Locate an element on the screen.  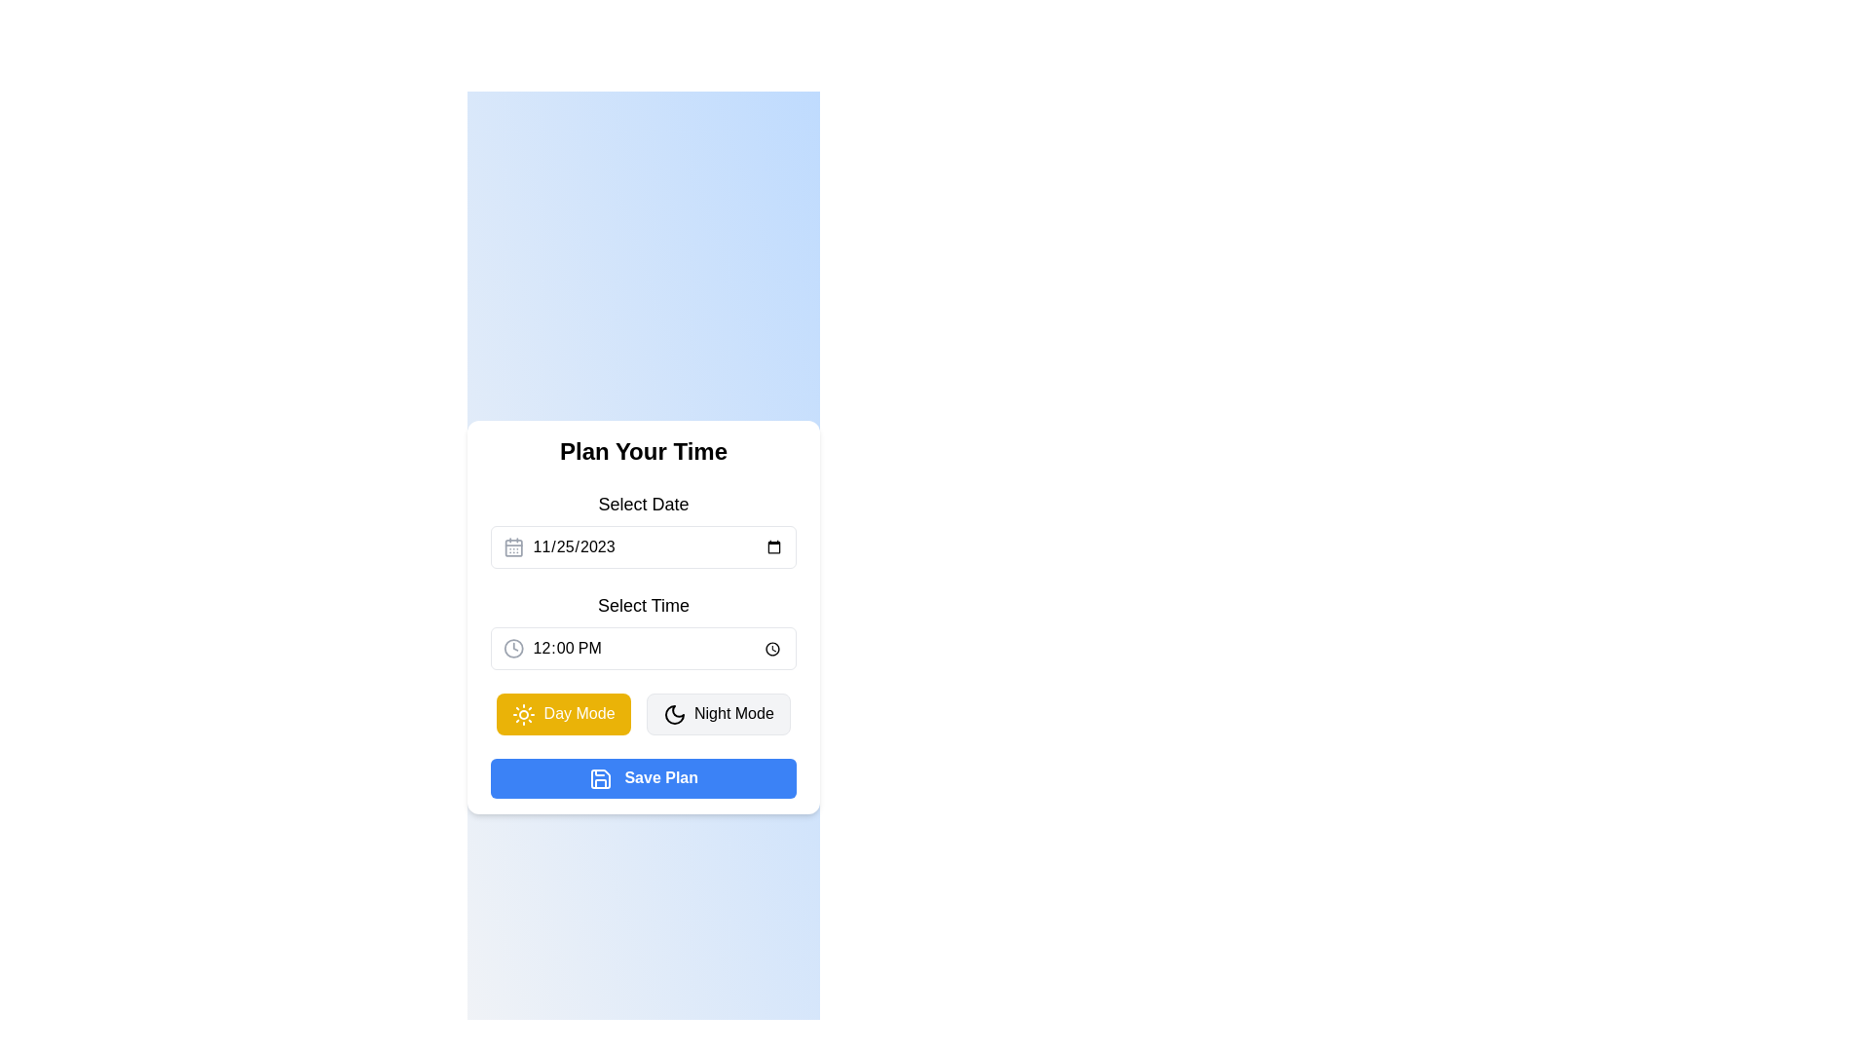
the Date Input Field within the 'Select Date' box is located at coordinates (657, 547).